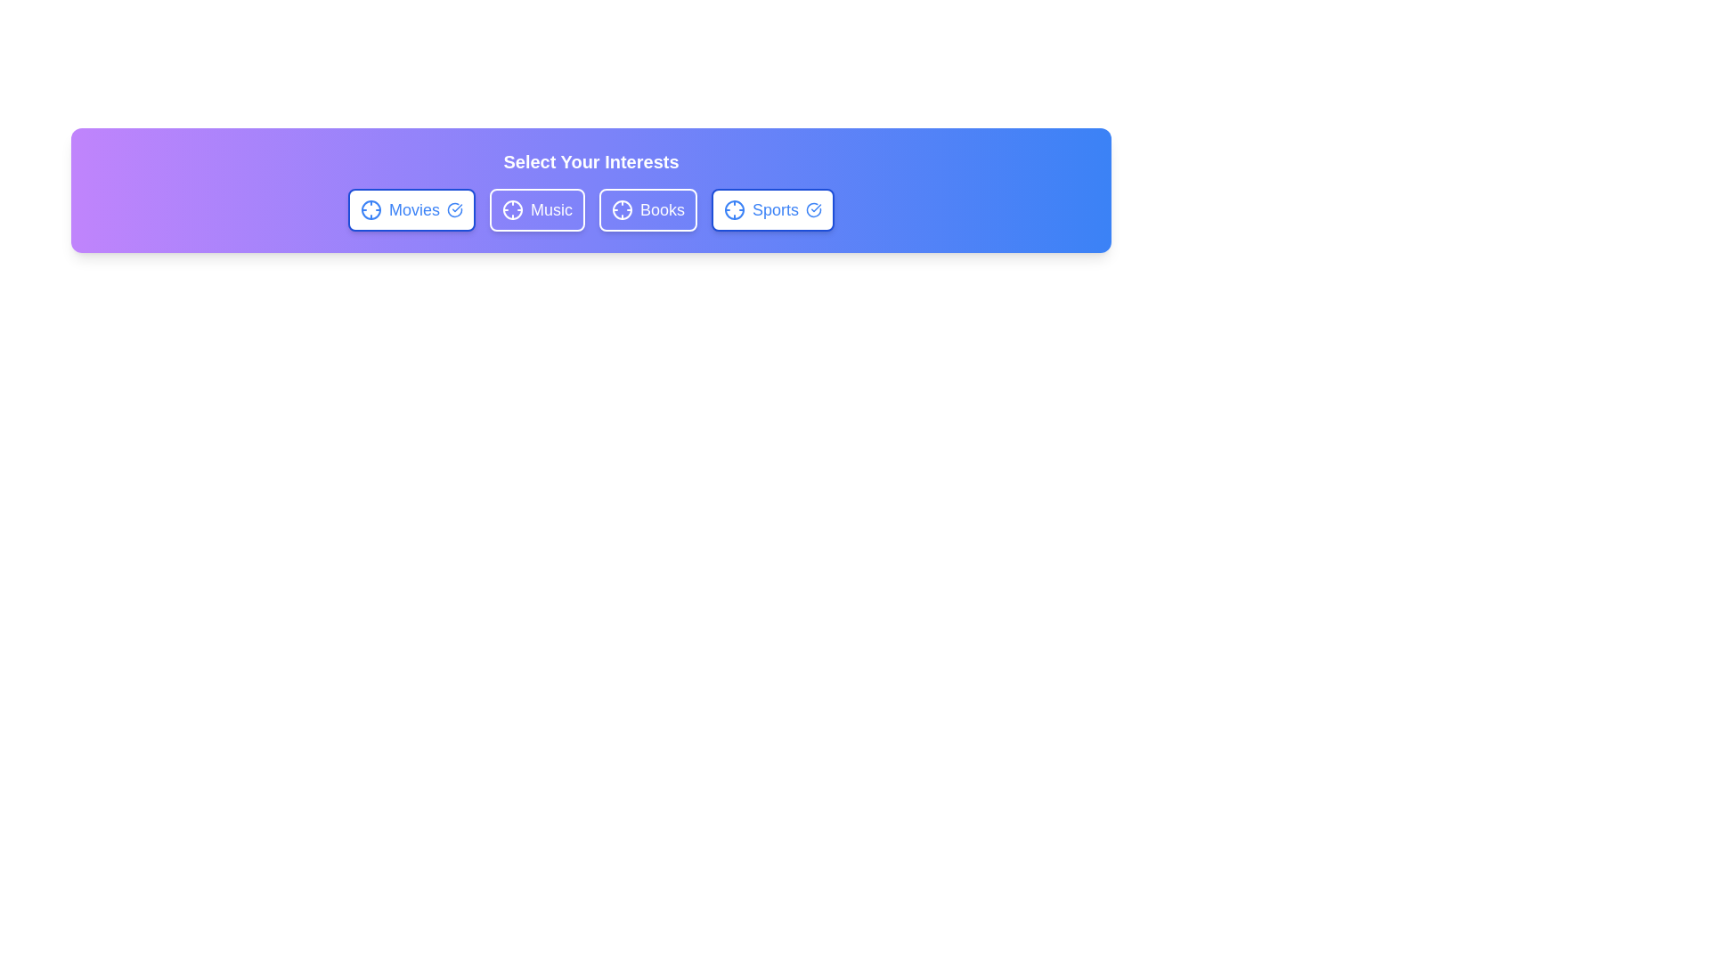 The width and height of the screenshot is (1710, 962). I want to click on the chip labeled Music to observe the hover effect, so click(536, 208).